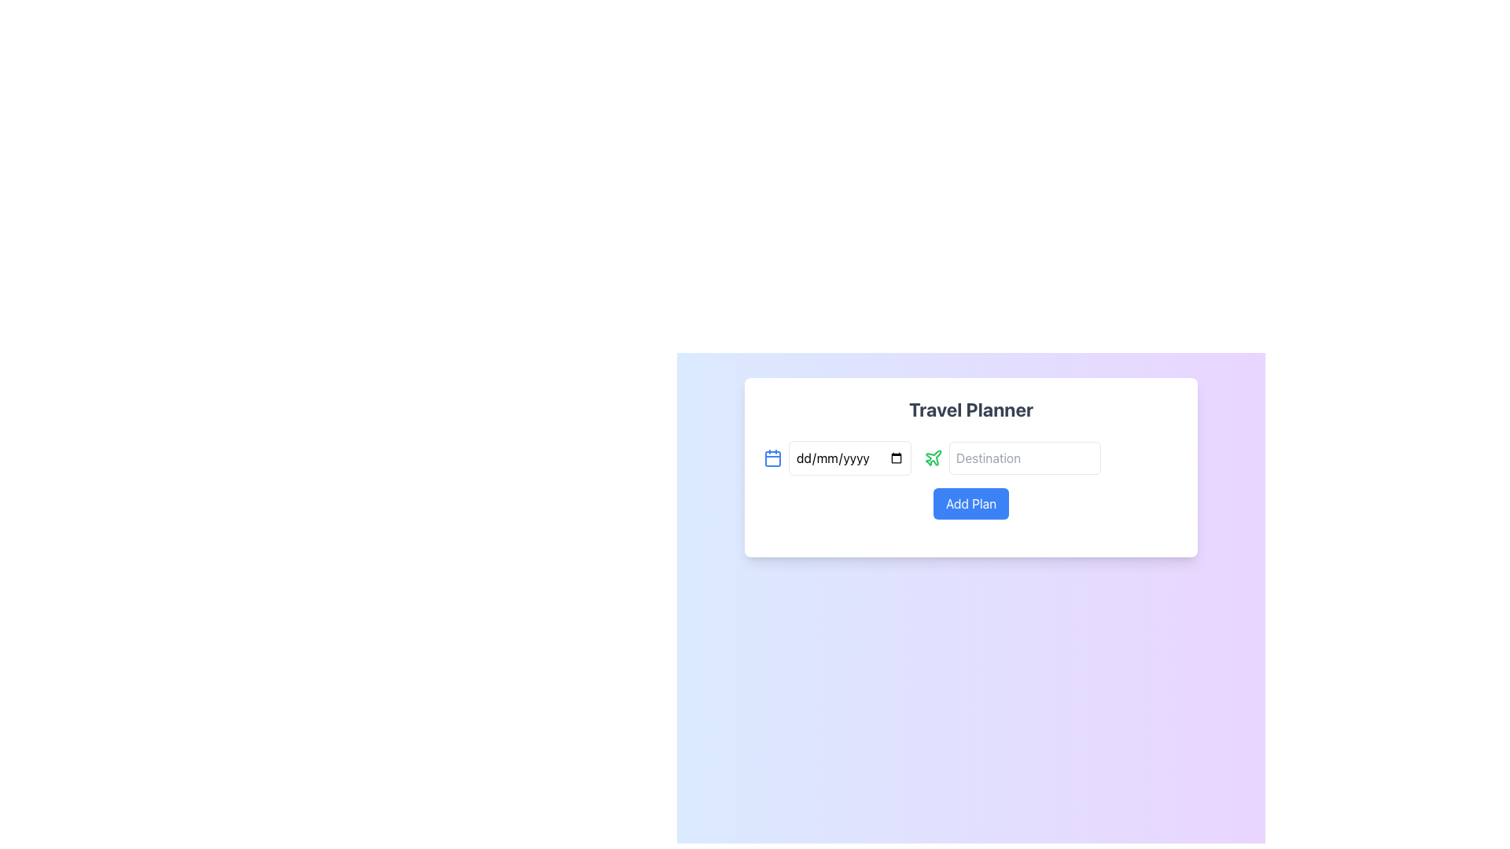 This screenshot has width=1510, height=849. Describe the element at coordinates (934, 458) in the screenshot. I see `the airplane icon located to the right of the 'Destination' text input field in the travel planning interface` at that location.